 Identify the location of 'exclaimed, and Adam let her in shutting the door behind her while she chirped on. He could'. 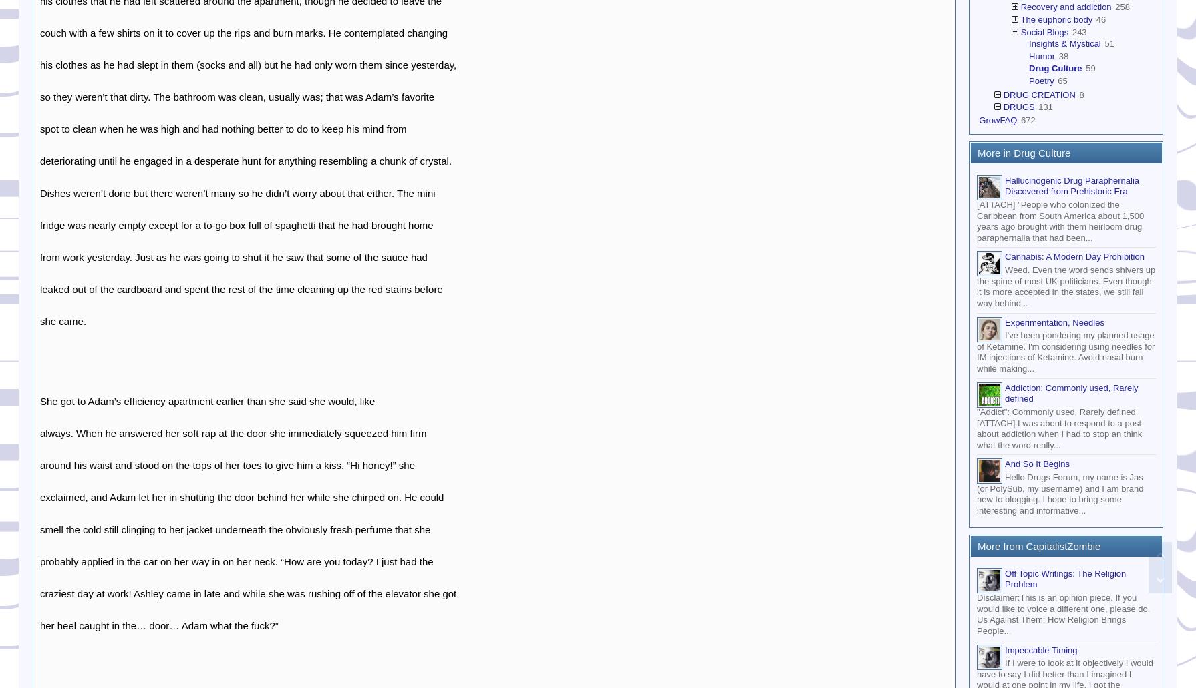
(241, 496).